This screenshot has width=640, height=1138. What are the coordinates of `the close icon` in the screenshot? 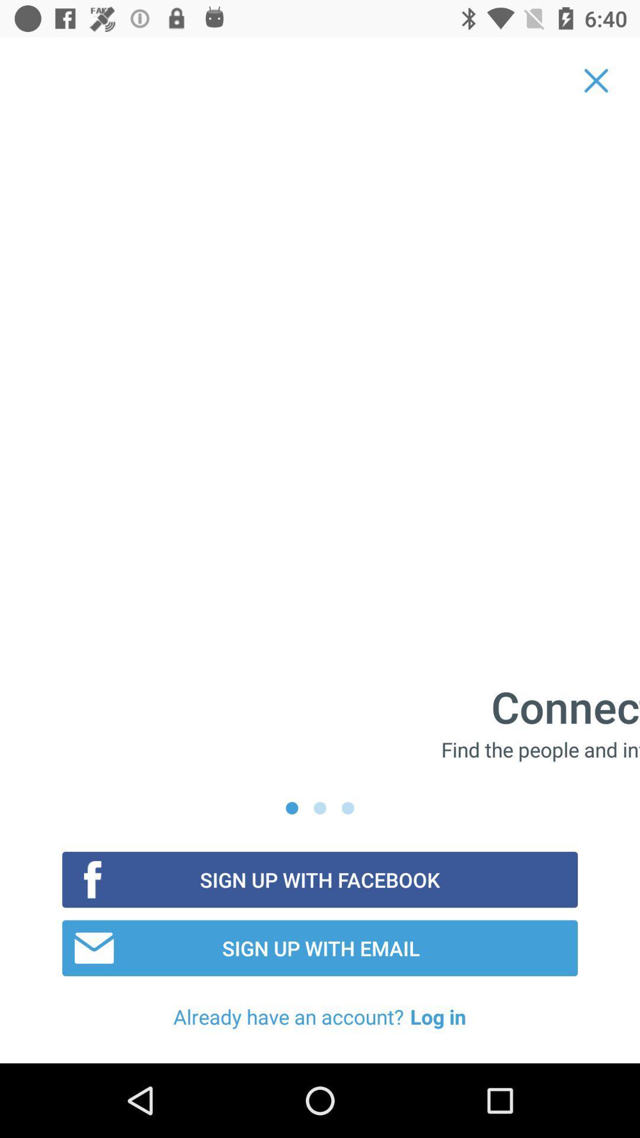 It's located at (596, 80).